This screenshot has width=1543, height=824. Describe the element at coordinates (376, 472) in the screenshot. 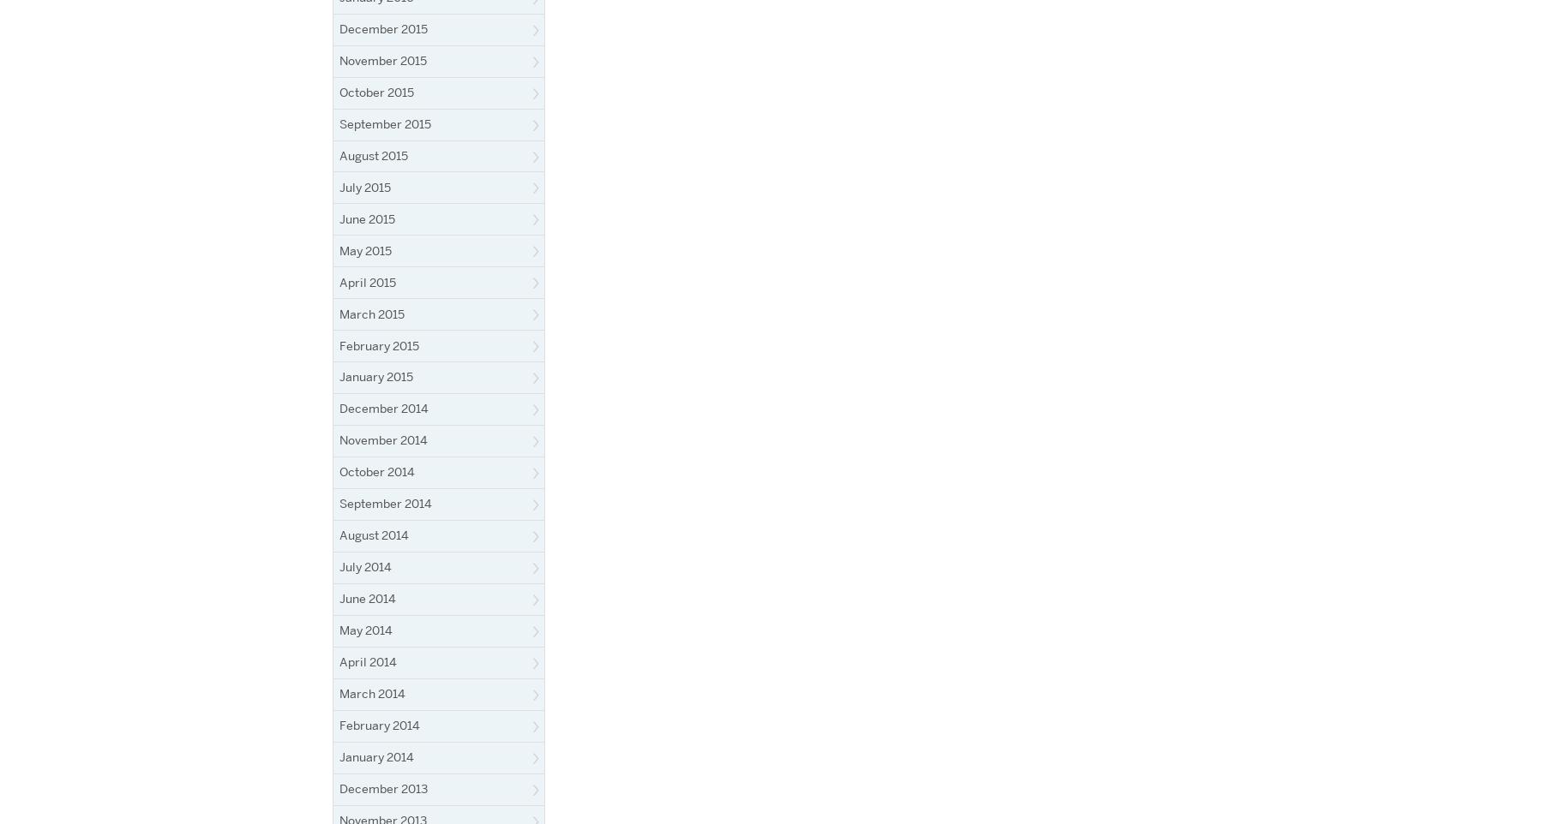

I see `'October 2014'` at that location.